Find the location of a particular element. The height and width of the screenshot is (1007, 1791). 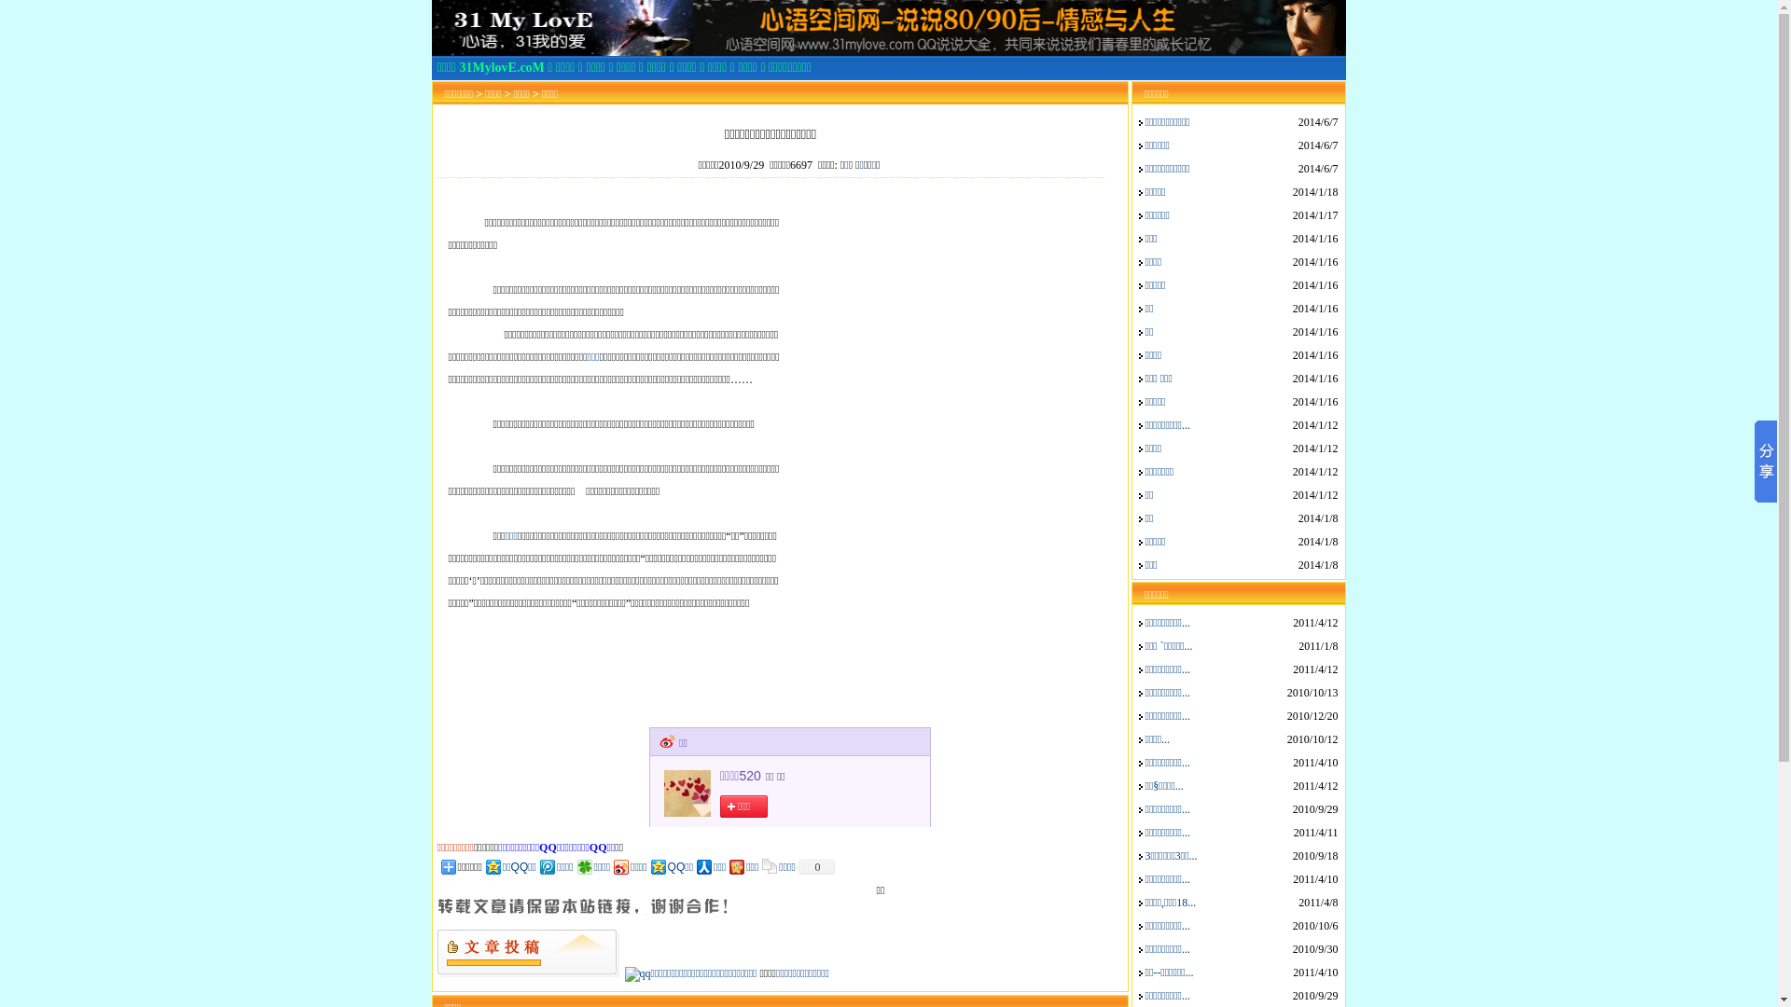

'0' is located at coordinates (814, 866).